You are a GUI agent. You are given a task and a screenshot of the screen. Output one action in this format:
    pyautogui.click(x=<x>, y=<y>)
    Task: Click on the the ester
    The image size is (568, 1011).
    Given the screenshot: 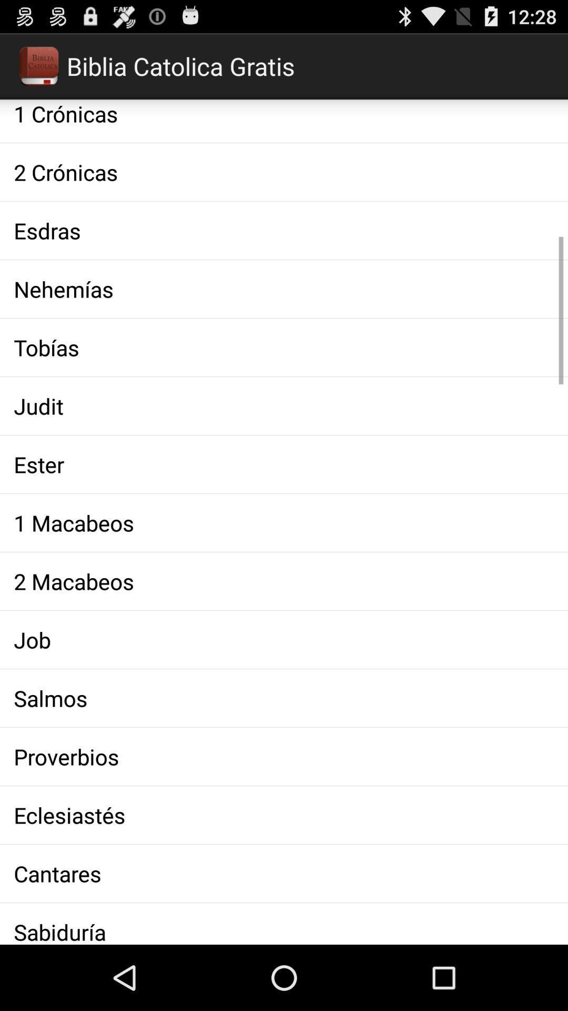 What is the action you would take?
    pyautogui.click(x=284, y=464)
    